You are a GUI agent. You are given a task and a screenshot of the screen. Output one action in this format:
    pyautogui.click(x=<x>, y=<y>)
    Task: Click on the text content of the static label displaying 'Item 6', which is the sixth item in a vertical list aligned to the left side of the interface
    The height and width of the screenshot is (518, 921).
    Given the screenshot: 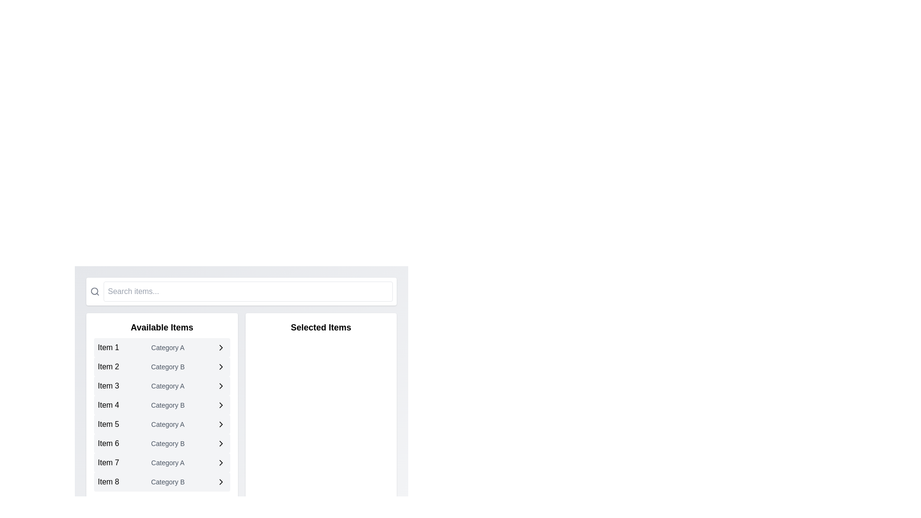 What is the action you would take?
    pyautogui.click(x=108, y=444)
    